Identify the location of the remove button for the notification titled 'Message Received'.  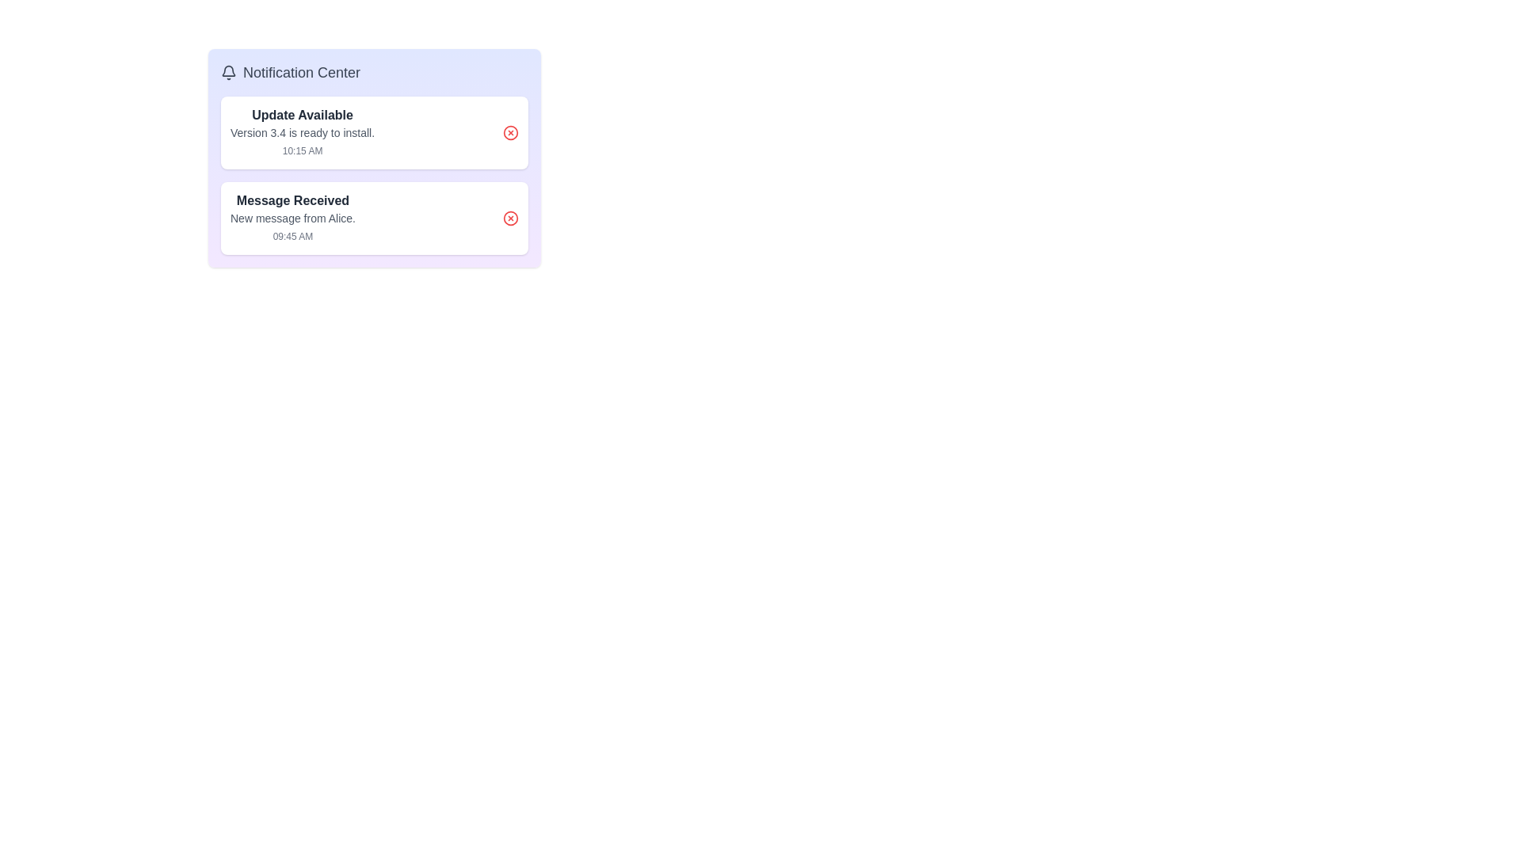
(510, 218).